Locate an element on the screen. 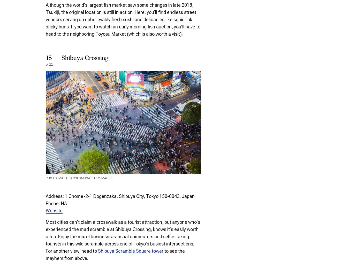 The width and height of the screenshot is (349, 277). 'Shibuya Crossing' is located at coordinates (85, 58).